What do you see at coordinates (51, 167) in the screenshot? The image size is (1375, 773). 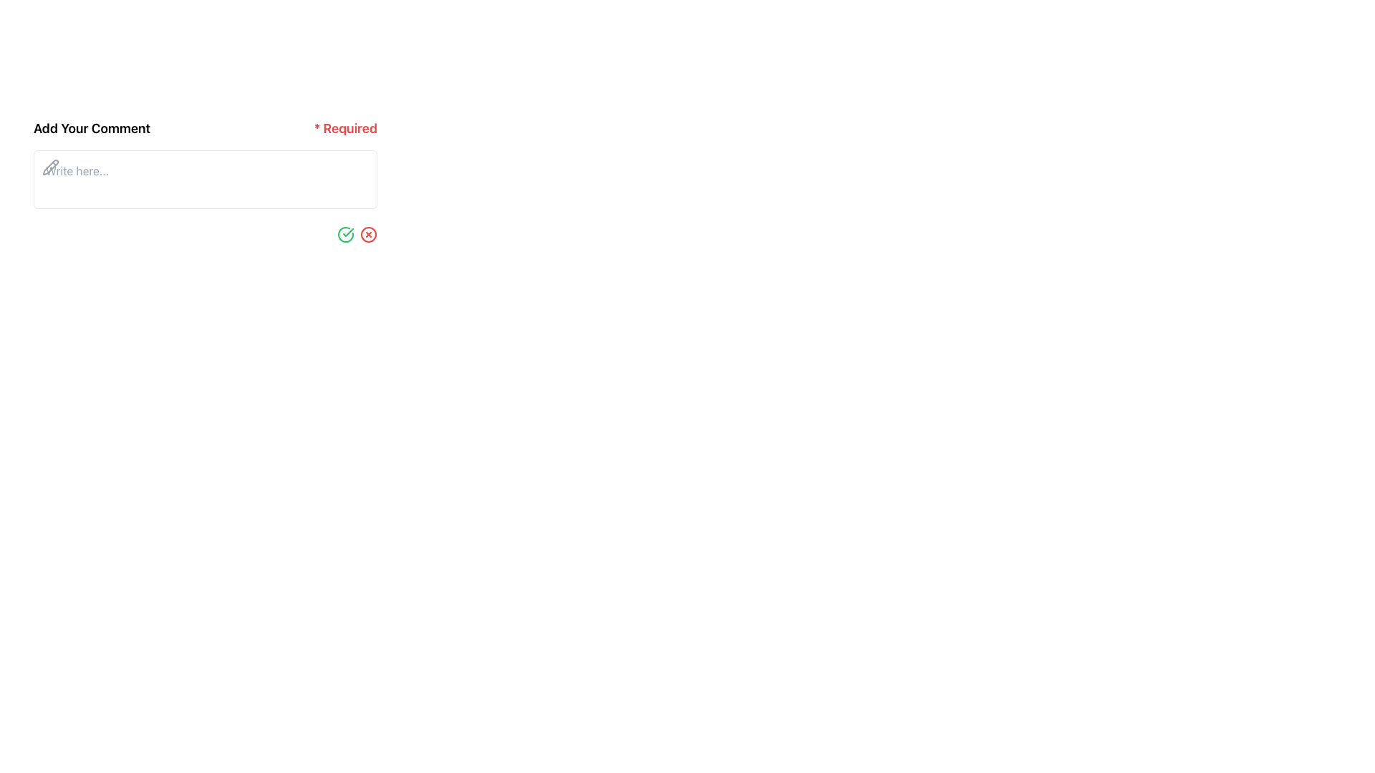 I see `the pencil icon located in the top-left corner of the 'Write here...' textarea, which is part of the 'Add Your Comment' form, indicating an edit action` at bounding box center [51, 167].